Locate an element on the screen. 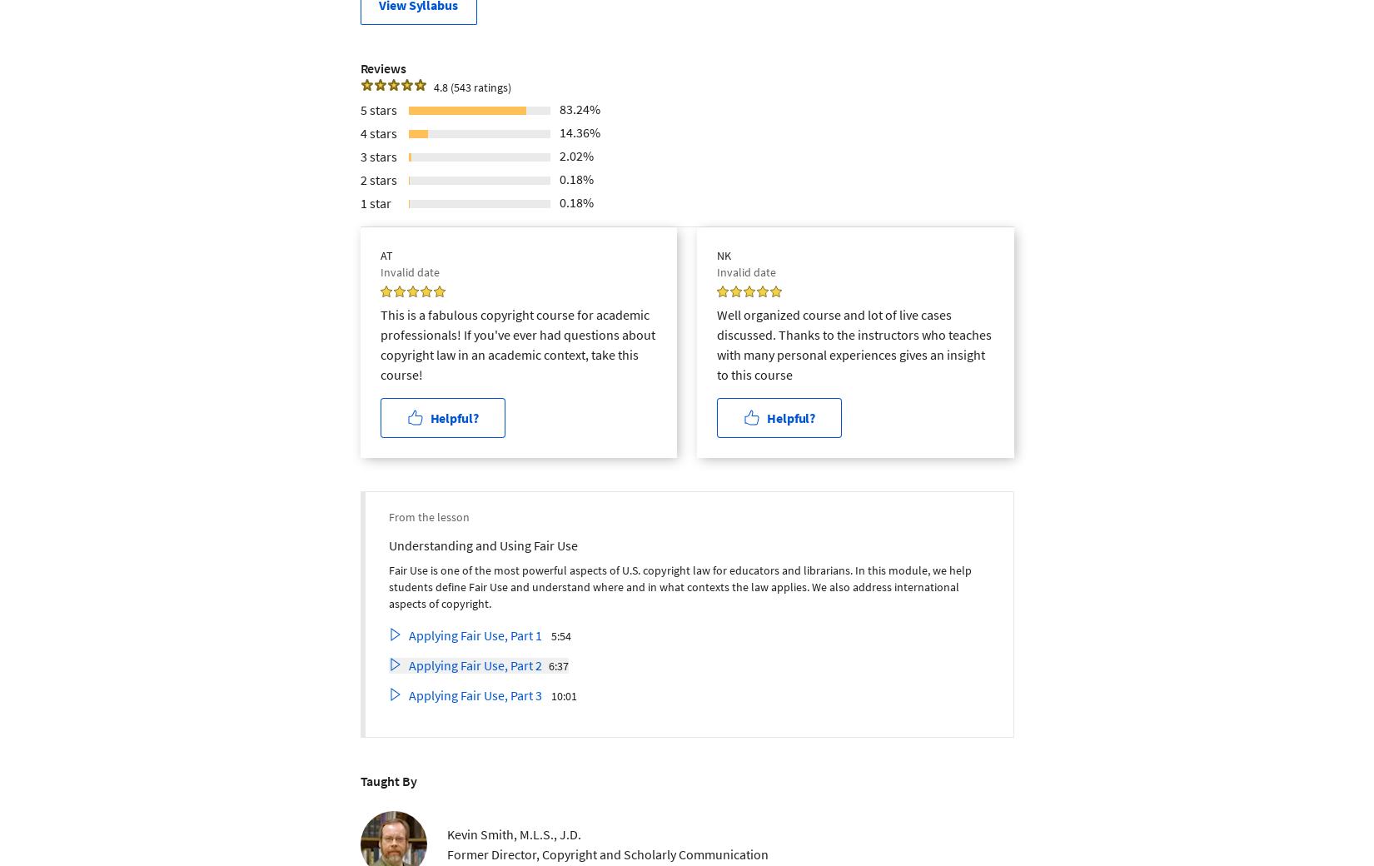 Image resolution: width=1374 pixels, height=866 pixels. '83.24%' is located at coordinates (578, 107).